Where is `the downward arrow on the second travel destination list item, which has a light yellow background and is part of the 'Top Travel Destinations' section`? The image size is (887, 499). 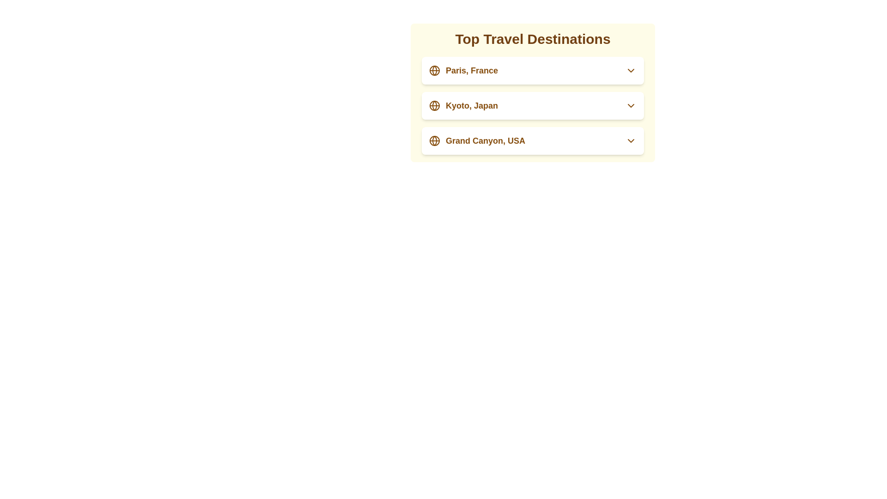
the downward arrow on the second travel destination list item, which has a light yellow background and is part of the 'Top Travel Destinations' section is located at coordinates (533, 105).